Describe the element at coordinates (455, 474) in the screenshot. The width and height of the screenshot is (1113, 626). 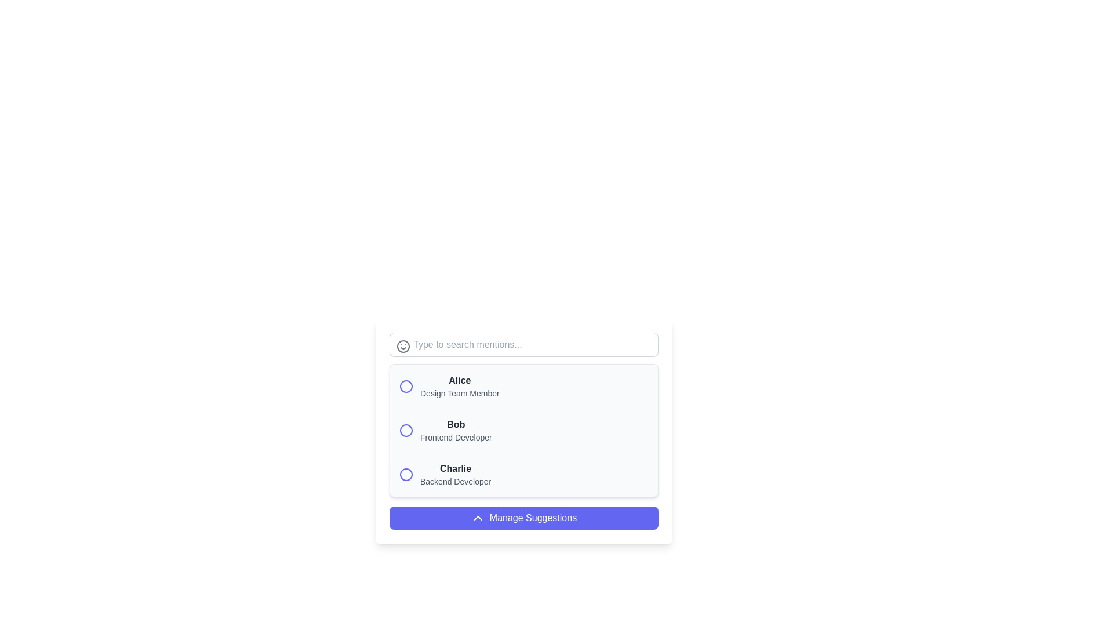
I see `the text label displaying 'Charlie' in bold and 'Backend Developer' in smaller gray text beneath it` at that location.